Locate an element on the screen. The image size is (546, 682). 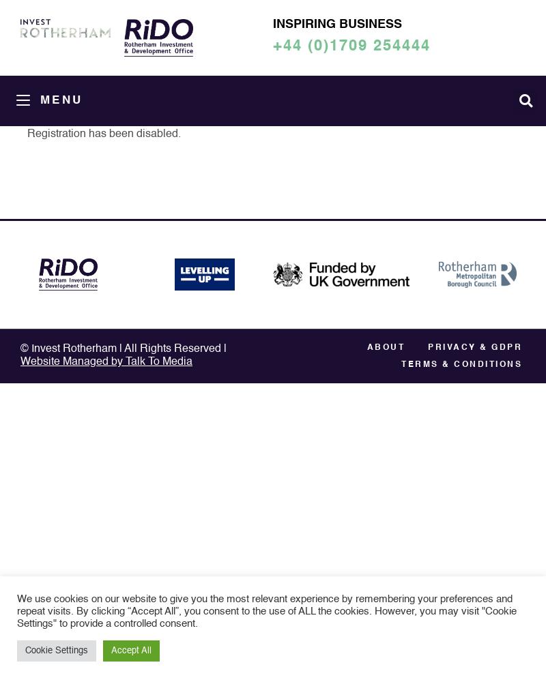
'Terms & Conditions' is located at coordinates (401, 365).